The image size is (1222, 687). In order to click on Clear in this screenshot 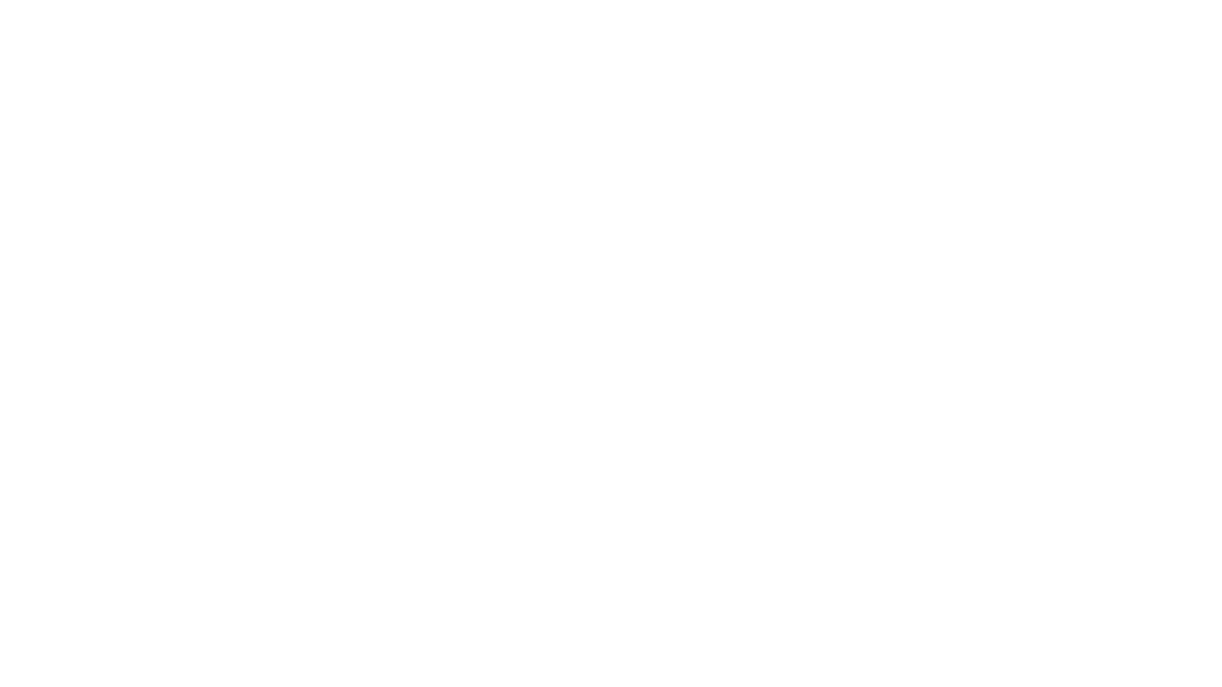, I will do `click(811, 17)`.